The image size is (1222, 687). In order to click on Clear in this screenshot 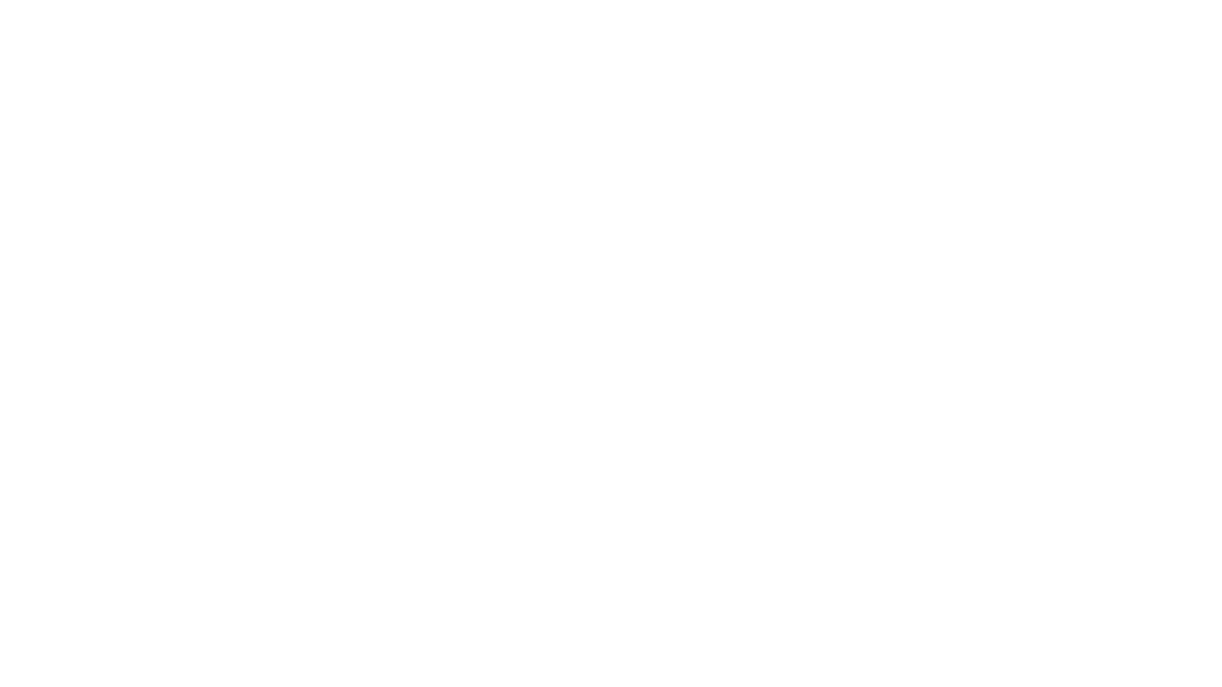, I will do `click(811, 17)`.